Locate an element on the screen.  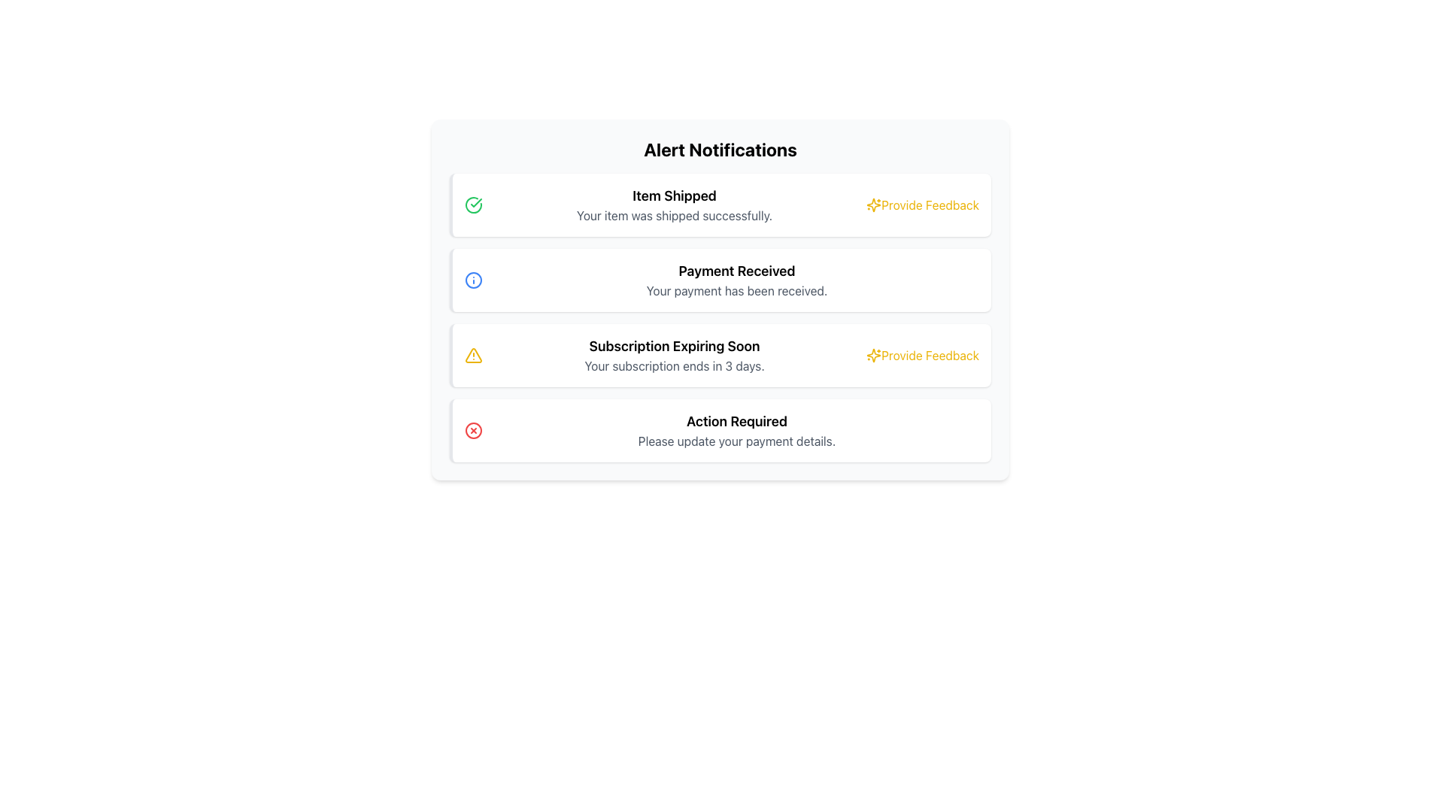
the Notification Card that alerts the user about the expiration of their subscription in three days, positioned as the third notification in the vertical list is located at coordinates (720, 356).